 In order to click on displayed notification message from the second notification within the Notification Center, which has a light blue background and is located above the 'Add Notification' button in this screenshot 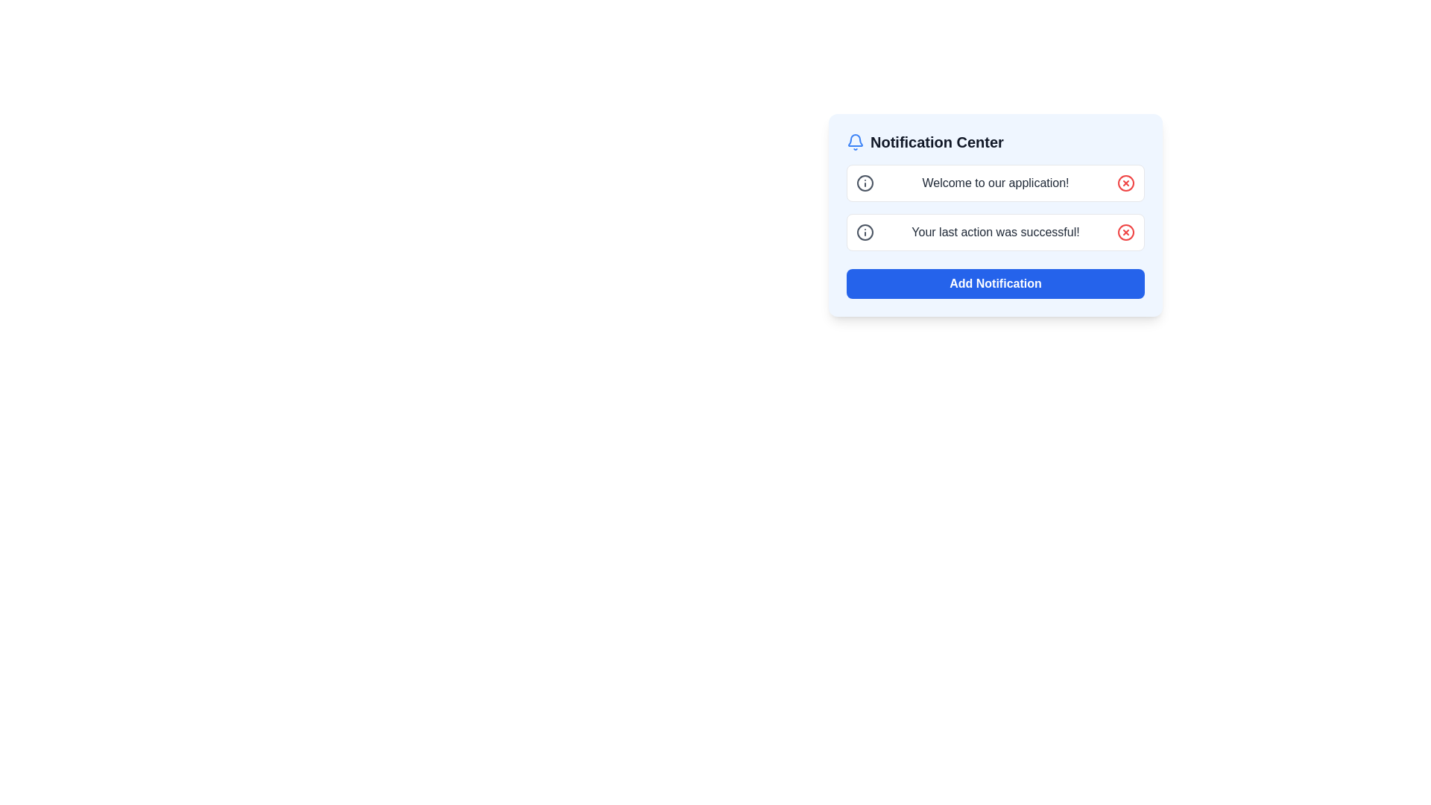, I will do `click(995, 215)`.